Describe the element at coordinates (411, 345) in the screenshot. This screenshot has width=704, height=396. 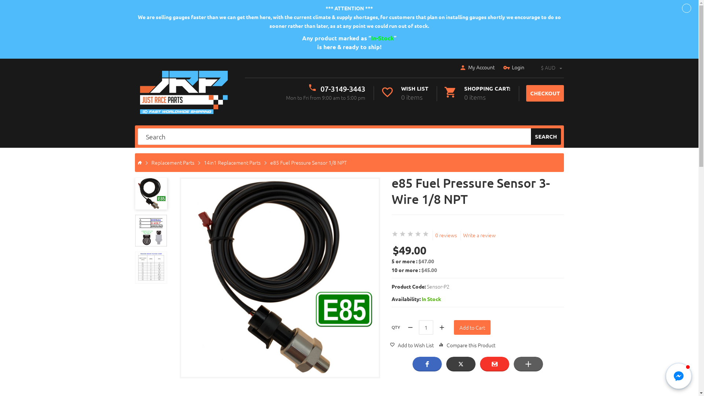
I see `'Add to Wish List'` at that location.